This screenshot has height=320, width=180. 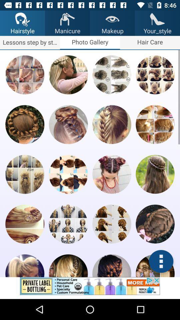 What do you see at coordinates (112, 75) in the screenshot?
I see `the photo` at bounding box center [112, 75].